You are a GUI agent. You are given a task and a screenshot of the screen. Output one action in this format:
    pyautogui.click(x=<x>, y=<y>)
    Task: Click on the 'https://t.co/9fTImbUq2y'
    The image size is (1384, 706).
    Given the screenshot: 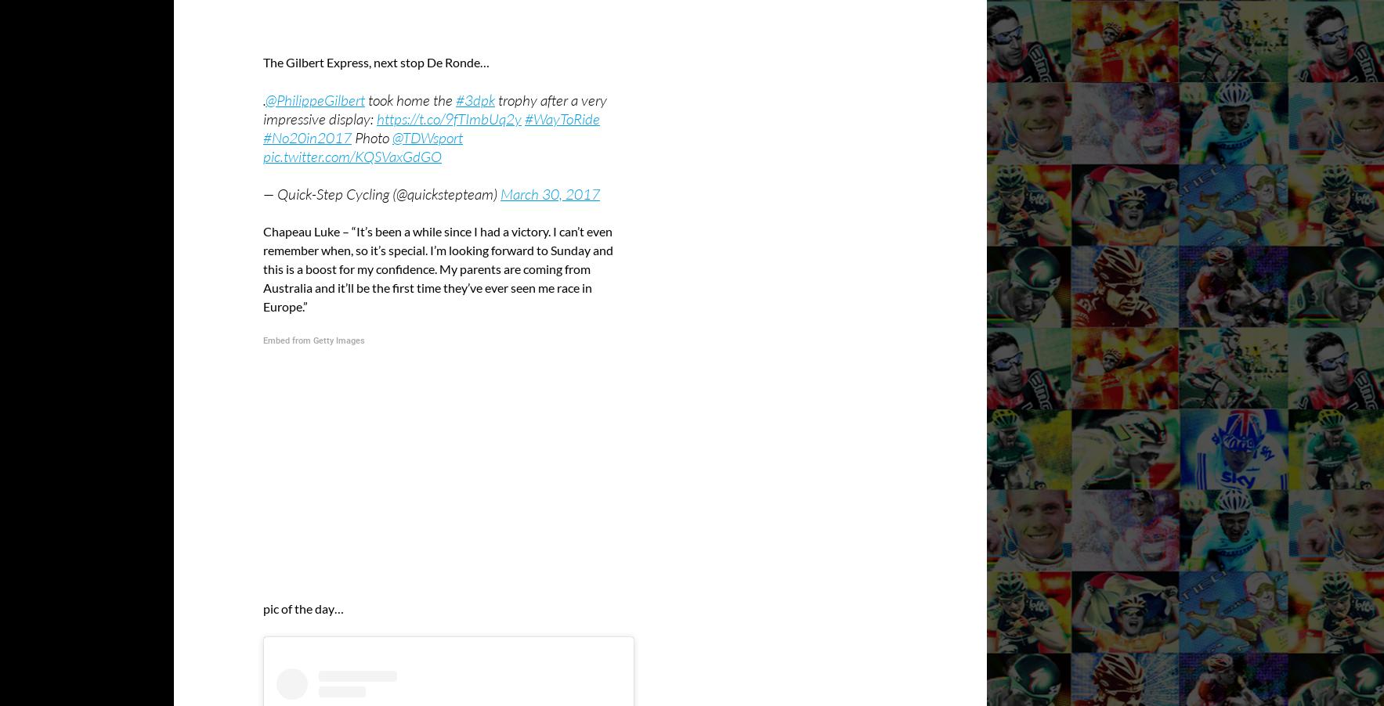 What is the action you would take?
    pyautogui.click(x=449, y=117)
    